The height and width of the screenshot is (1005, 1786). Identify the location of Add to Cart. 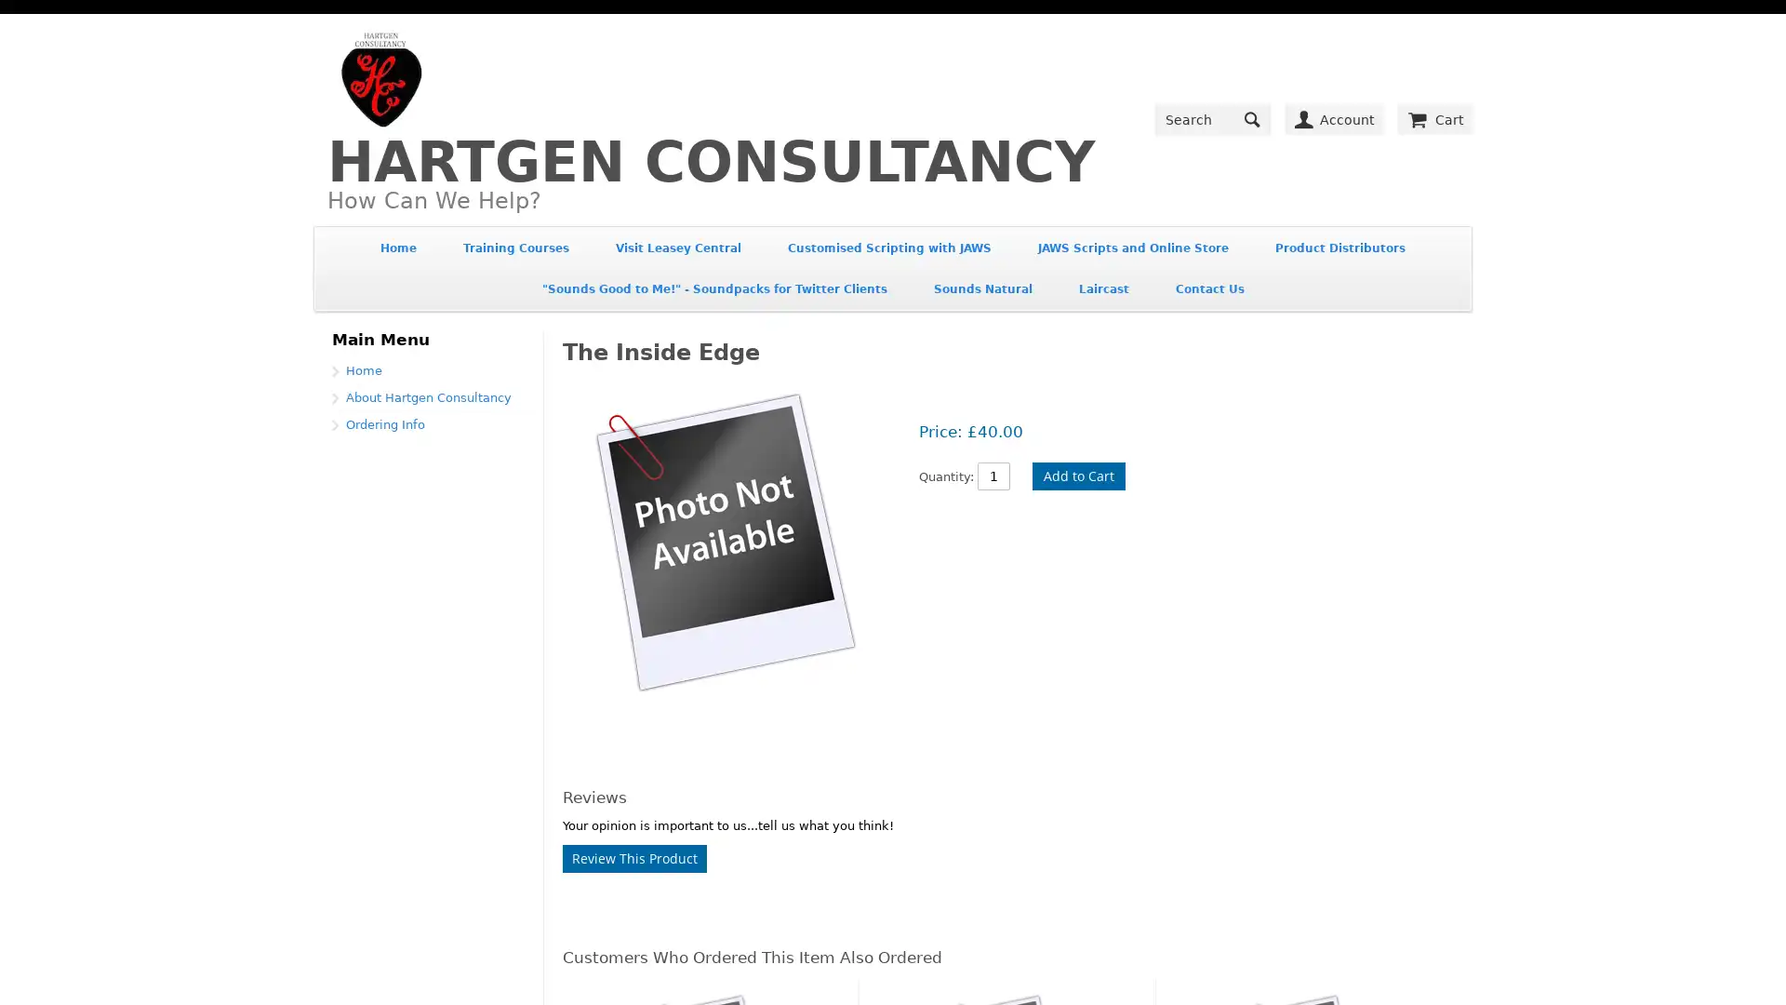
(1079, 502).